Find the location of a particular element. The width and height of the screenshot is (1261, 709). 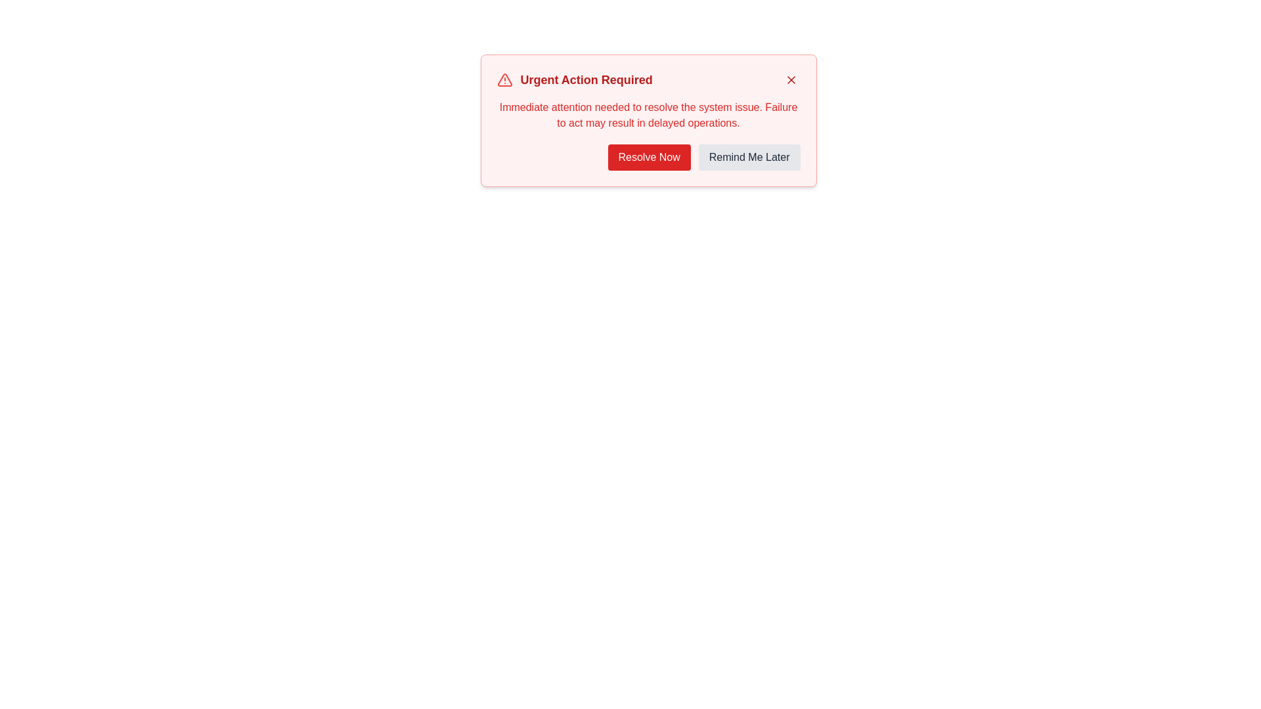

urgent message displayed in the red-colored text block that states 'Immediate attention needed to resolve the system issue. Failure to act may result in delayed operations.' is located at coordinates (648, 115).